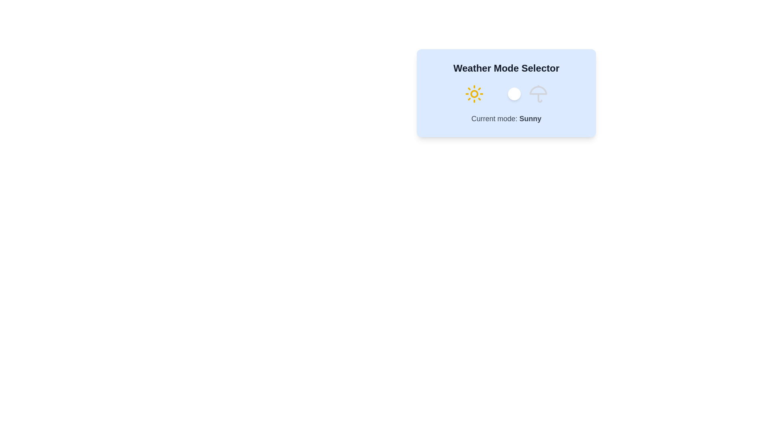 Image resolution: width=768 pixels, height=432 pixels. Describe the element at coordinates (530, 119) in the screenshot. I see `the static text label displaying 'Current mode: Sunny', which indicates the current mode or state selected within the application` at that location.